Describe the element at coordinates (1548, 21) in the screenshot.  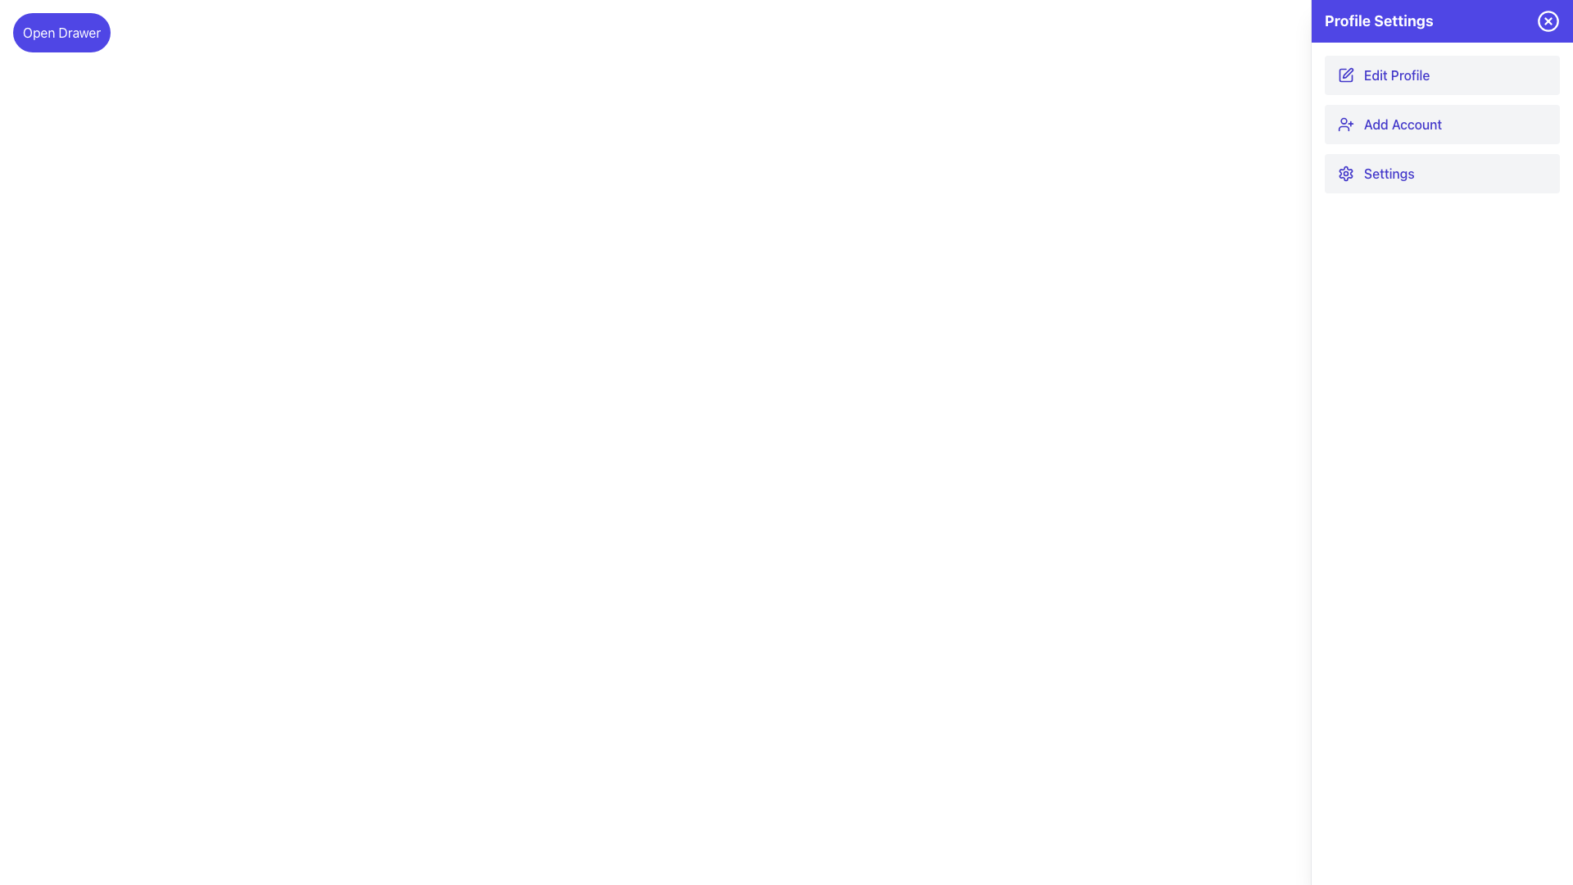
I see `the circular control icon with a blue background and white outlined cross located` at that location.